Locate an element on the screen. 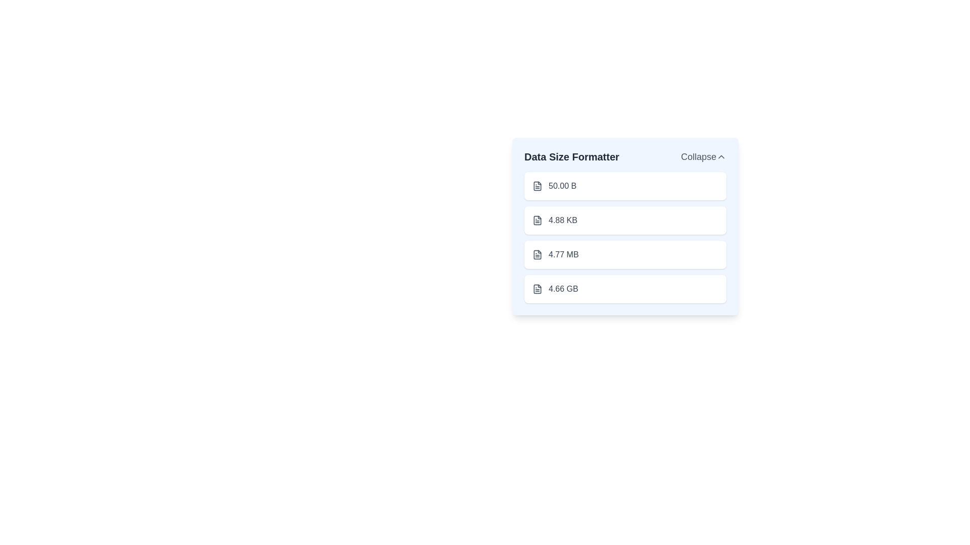 The height and width of the screenshot is (545, 970). the 'Collapse' button, which has the text styled in bold and an upward-facing chevron icon, located to the right of the title 'Data Size Formatter' is located at coordinates (703, 157).